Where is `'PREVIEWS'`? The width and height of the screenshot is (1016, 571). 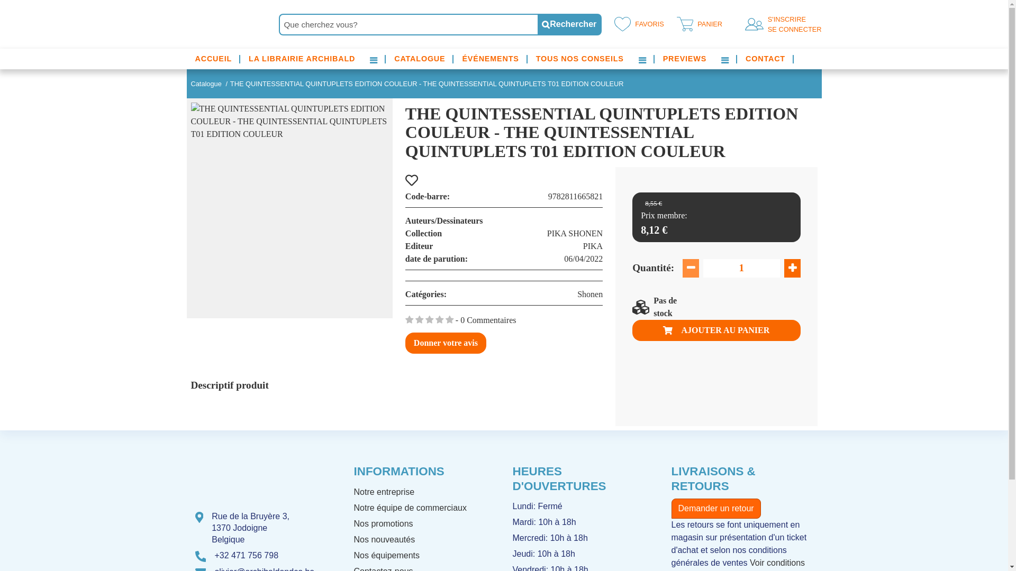 'PREVIEWS' is located at coordinates (662, 59).